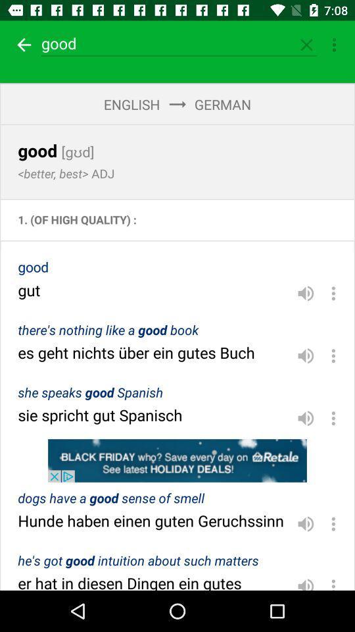 This screenshot has width=355, height=632. What do you see at coordinates (177, 460) in the screenshot?
I see `advertisement` at bounding box center [177, 460].